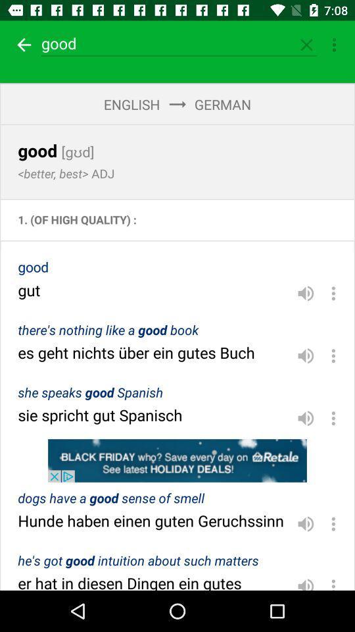 This screenshot has width=355, height=632. What do you see at coordinates (177, 460) in the screenshot?
I see `advertisement` at bounding box center [177, 460].